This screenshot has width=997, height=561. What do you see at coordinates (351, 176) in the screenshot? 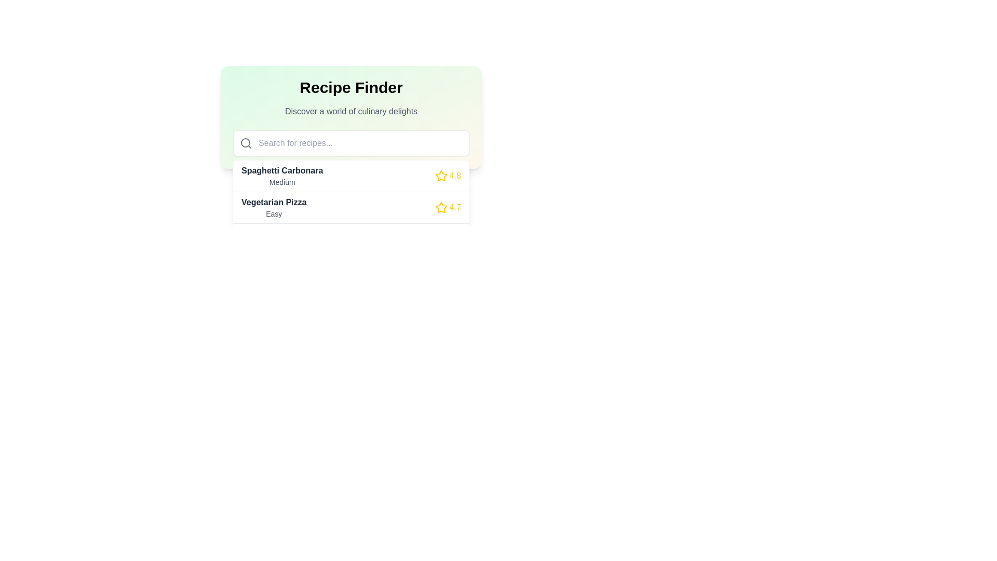
I see `the first recipe item in the 'Recipe Finder' section` at bounding box center [351, 176].